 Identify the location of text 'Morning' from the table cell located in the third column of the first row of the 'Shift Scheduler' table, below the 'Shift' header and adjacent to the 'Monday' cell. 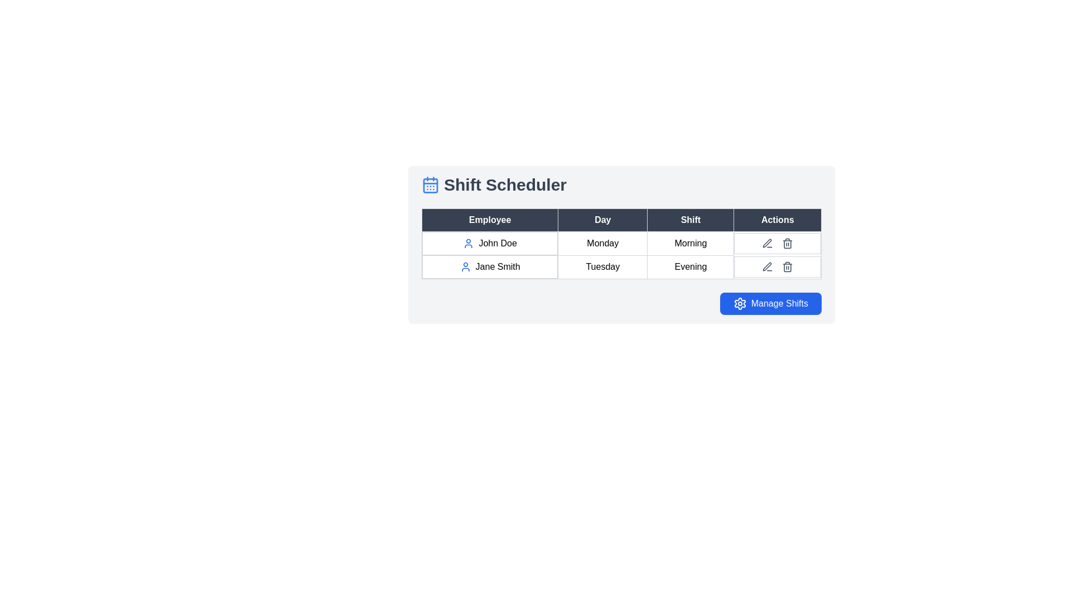
(690, 242).